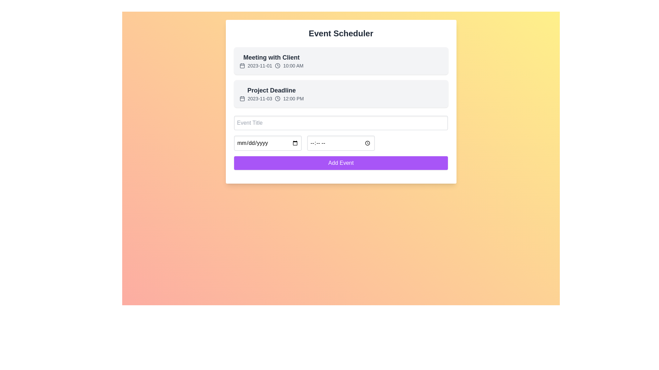 Image resolution: width=659 pixels, height=370 pixels. Describe the element at coordinates (242, 66) in the screenshot. I see `the small rectangular calendar icon located in the 'Event Scheduler' interface, near the 'Meeting with Client' section` at that location.